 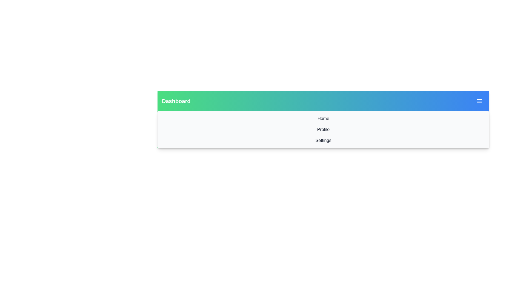 What do you see at coordinates (479, 101) in the screenshot?
I see `the toggle button located at the top-right corner of the interface` at bounding box center [479, 101].